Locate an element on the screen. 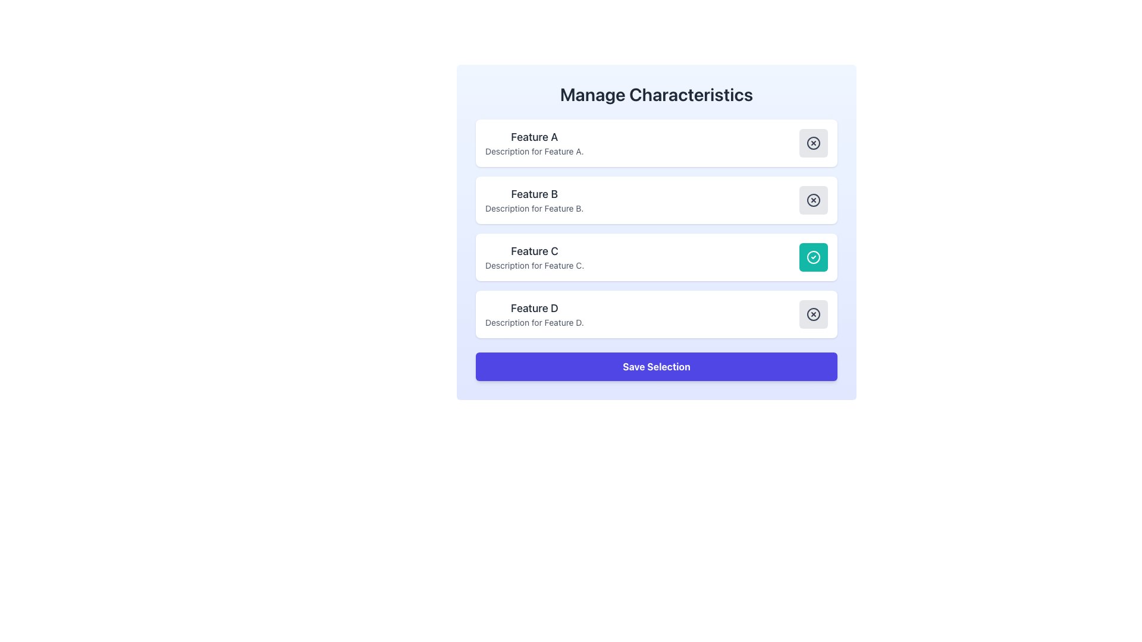  the descriptive label for 'Feature D' located under 'Manage Characteristics', which is the fourth item in the list, just above the 'Save Selection' button is located at coordinates (534, 313).